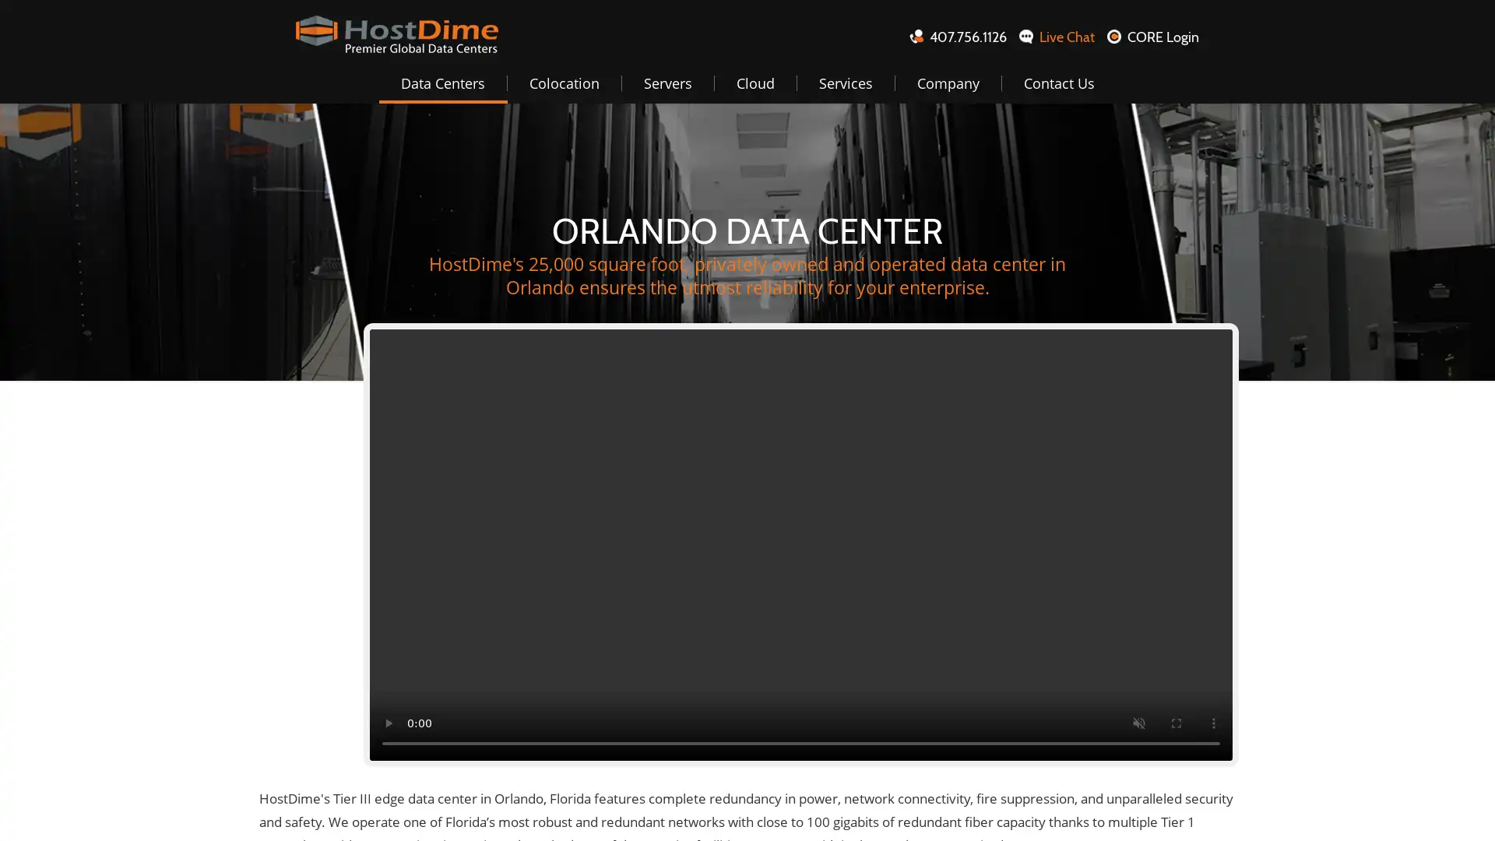 The height and width of the screenshot is (841, 1495). Describe the element at coordinates (1213, 723) in the screenshot. I see `show more media controls` at that location.